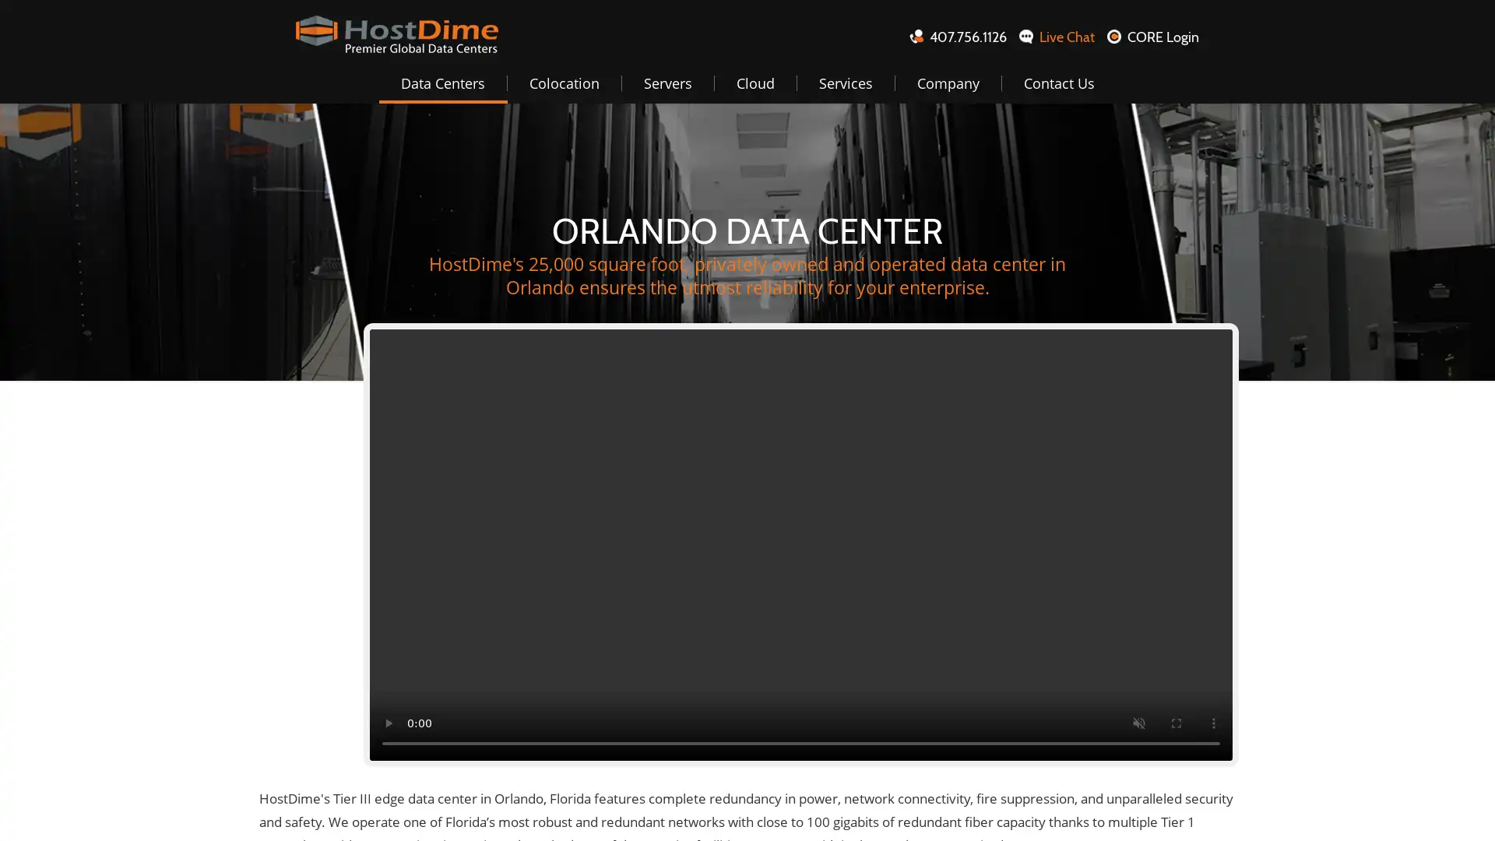 The height and width of the screenshot is (841, 1495). Describe the element at coordinates (1213, 723) in the screenshot. I see `show more media controls` at that location.